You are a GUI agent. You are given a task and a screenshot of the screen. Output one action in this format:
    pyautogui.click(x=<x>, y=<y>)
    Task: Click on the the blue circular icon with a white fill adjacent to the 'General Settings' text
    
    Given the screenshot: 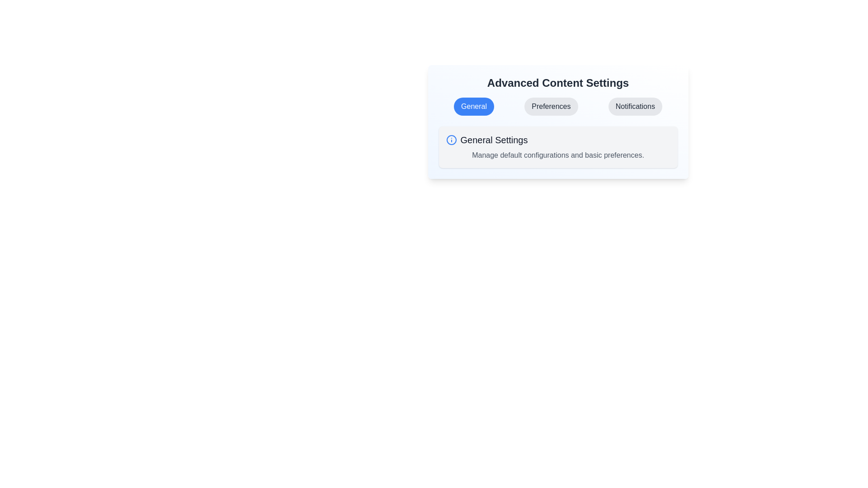 What is the action you would take?
    pyautogui.click(x=451, y=140)
    